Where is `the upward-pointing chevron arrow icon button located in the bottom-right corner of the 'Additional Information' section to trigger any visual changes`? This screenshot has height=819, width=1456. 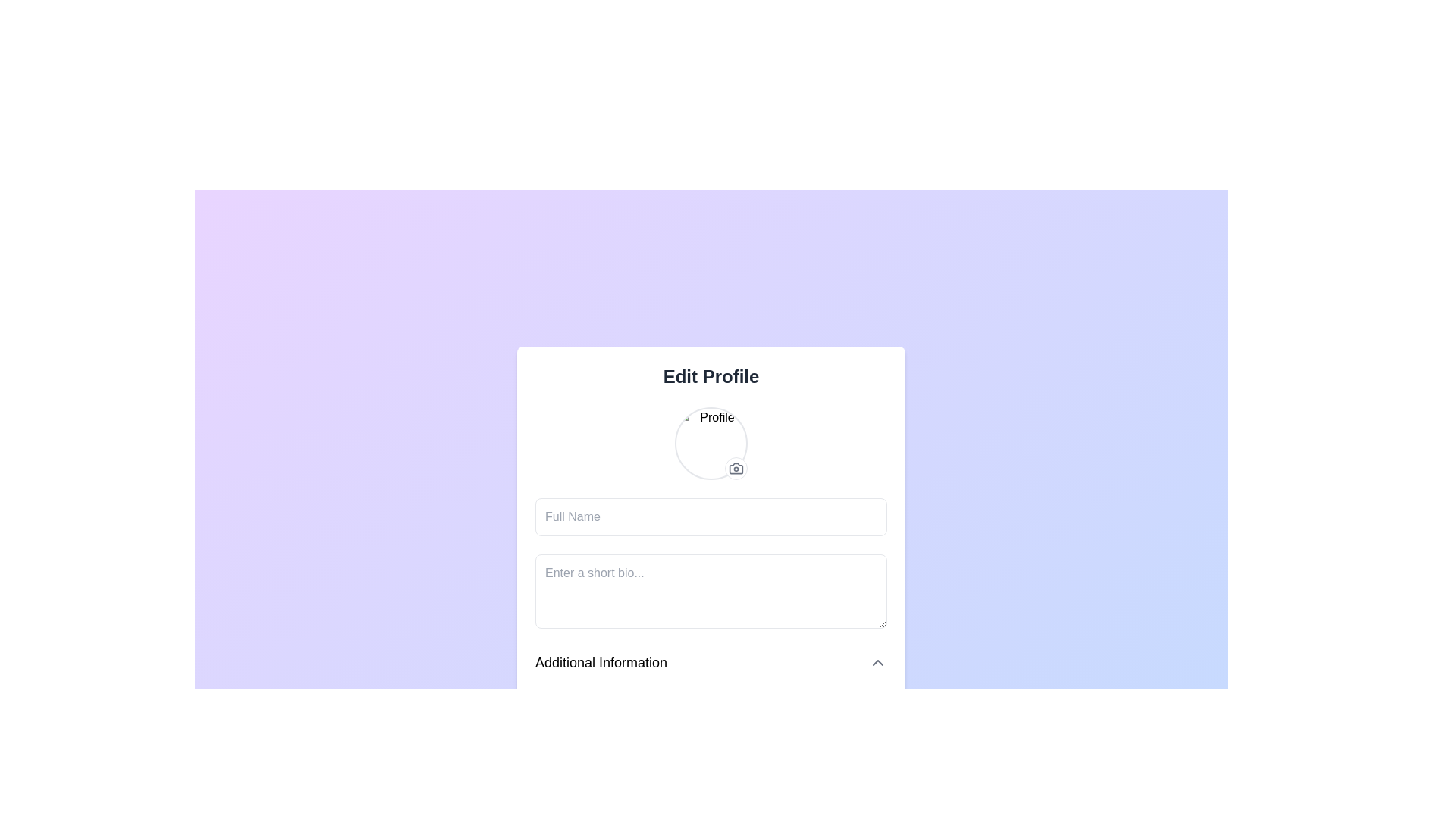 the upward-pointing chevron arrow icon button located in the bottom-right corner of the 'Additional Information' section to trigger any visual changes is located at coordinates (877, 661).